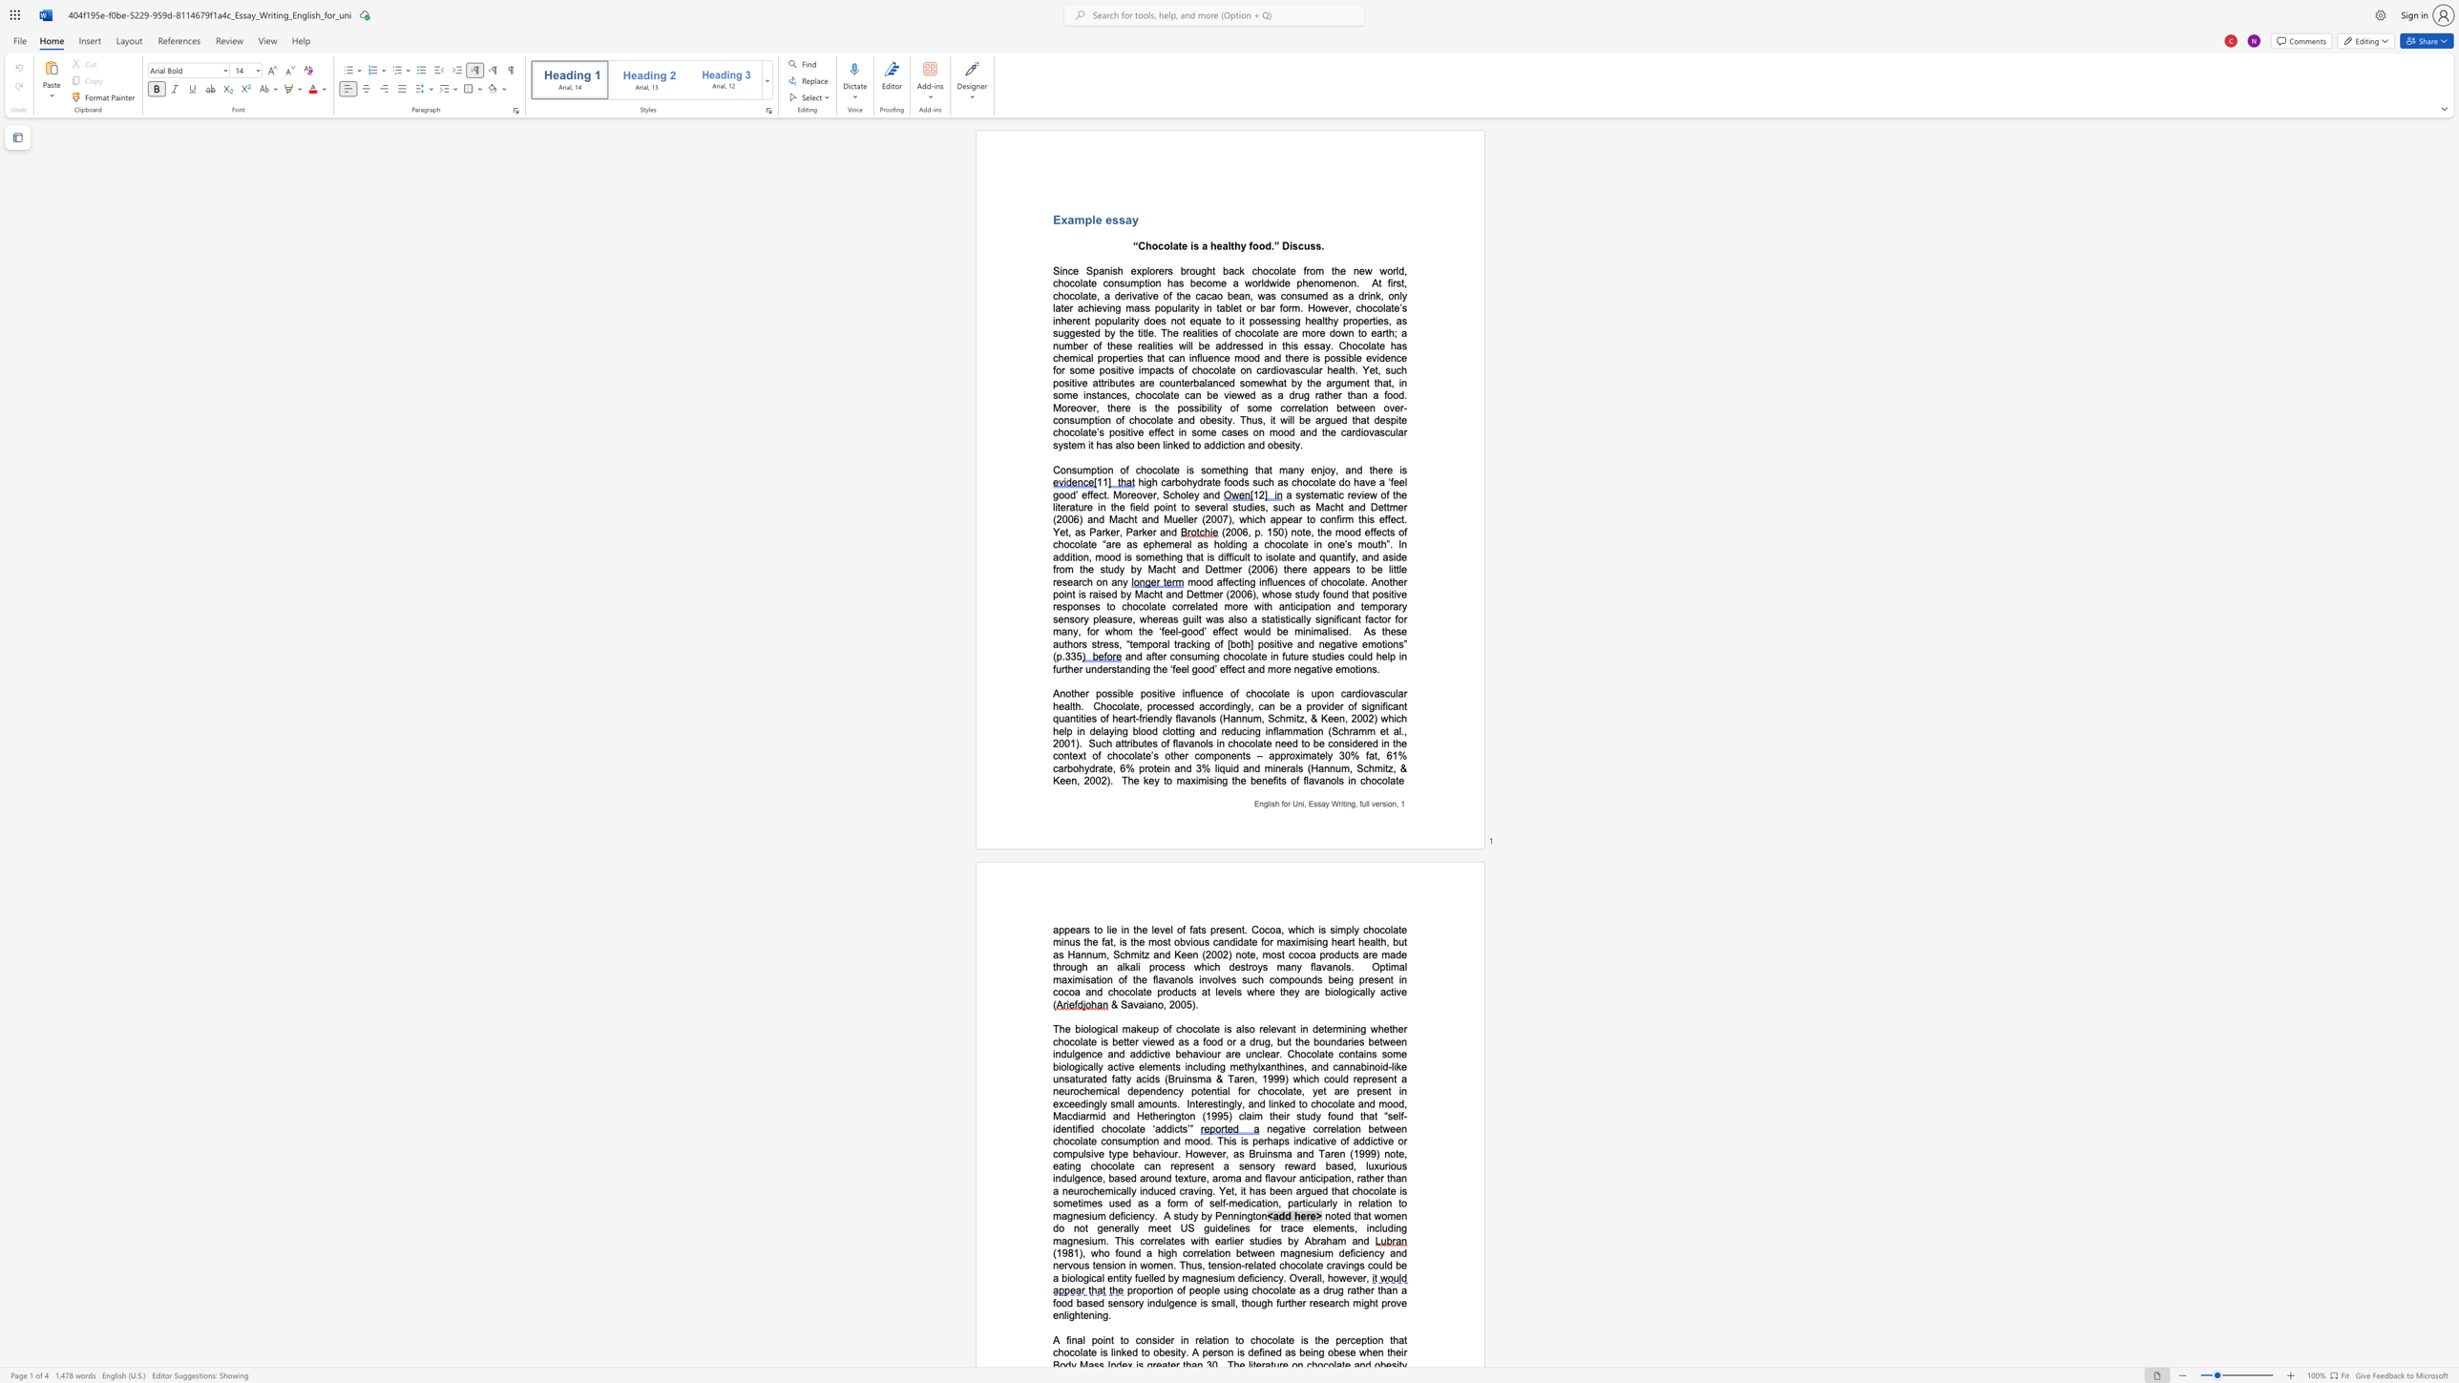  What do you see at coordinates (1118, 1278) in the screenshot?
I see `the subset text "tity fuelled by" within the text "(1981), who found a high correlation between magnesium deficiency and nervous tension in women. Thus, tension-related chocolate cravings could be a biological entity fuelled by magnesium deficiency. Overall, however,"` at bounding box center [1118, 1278].